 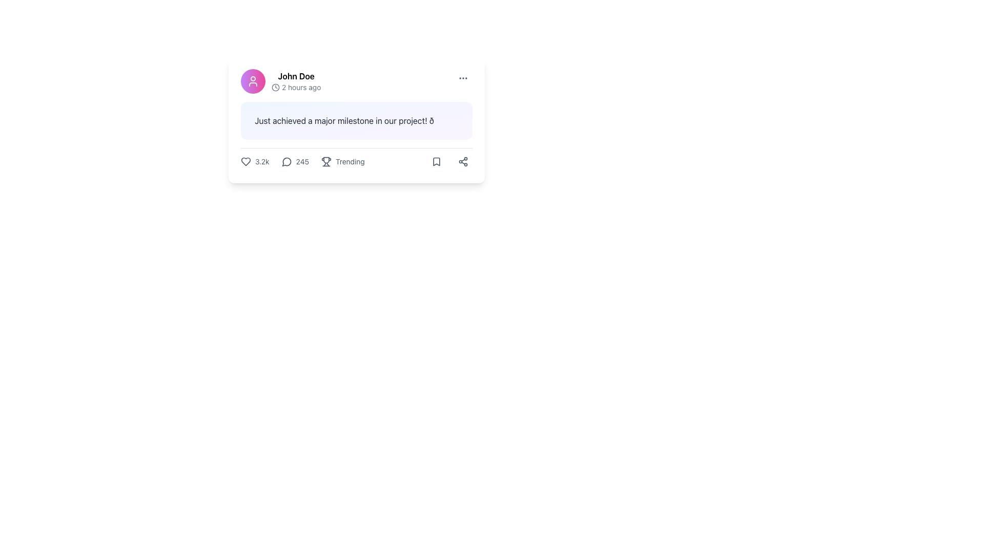 What do you see at coordinates (262, 161) in the screenshot?
I see `the metric number displayed in the text label showing '3.2k', which is positioned to the right of the heart icon` at bounding box center [262, 161].